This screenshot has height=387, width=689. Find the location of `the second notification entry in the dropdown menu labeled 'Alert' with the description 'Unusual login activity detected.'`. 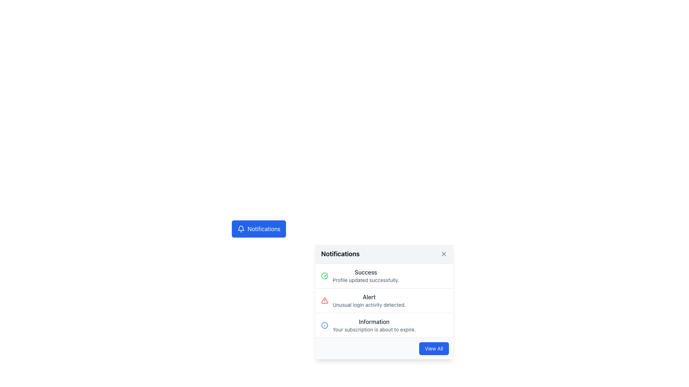

the second notification entry in the dropdown menu labeled 'Alert' with the description 'Unusual login activity detected.' is located at coordinates (384, 301).